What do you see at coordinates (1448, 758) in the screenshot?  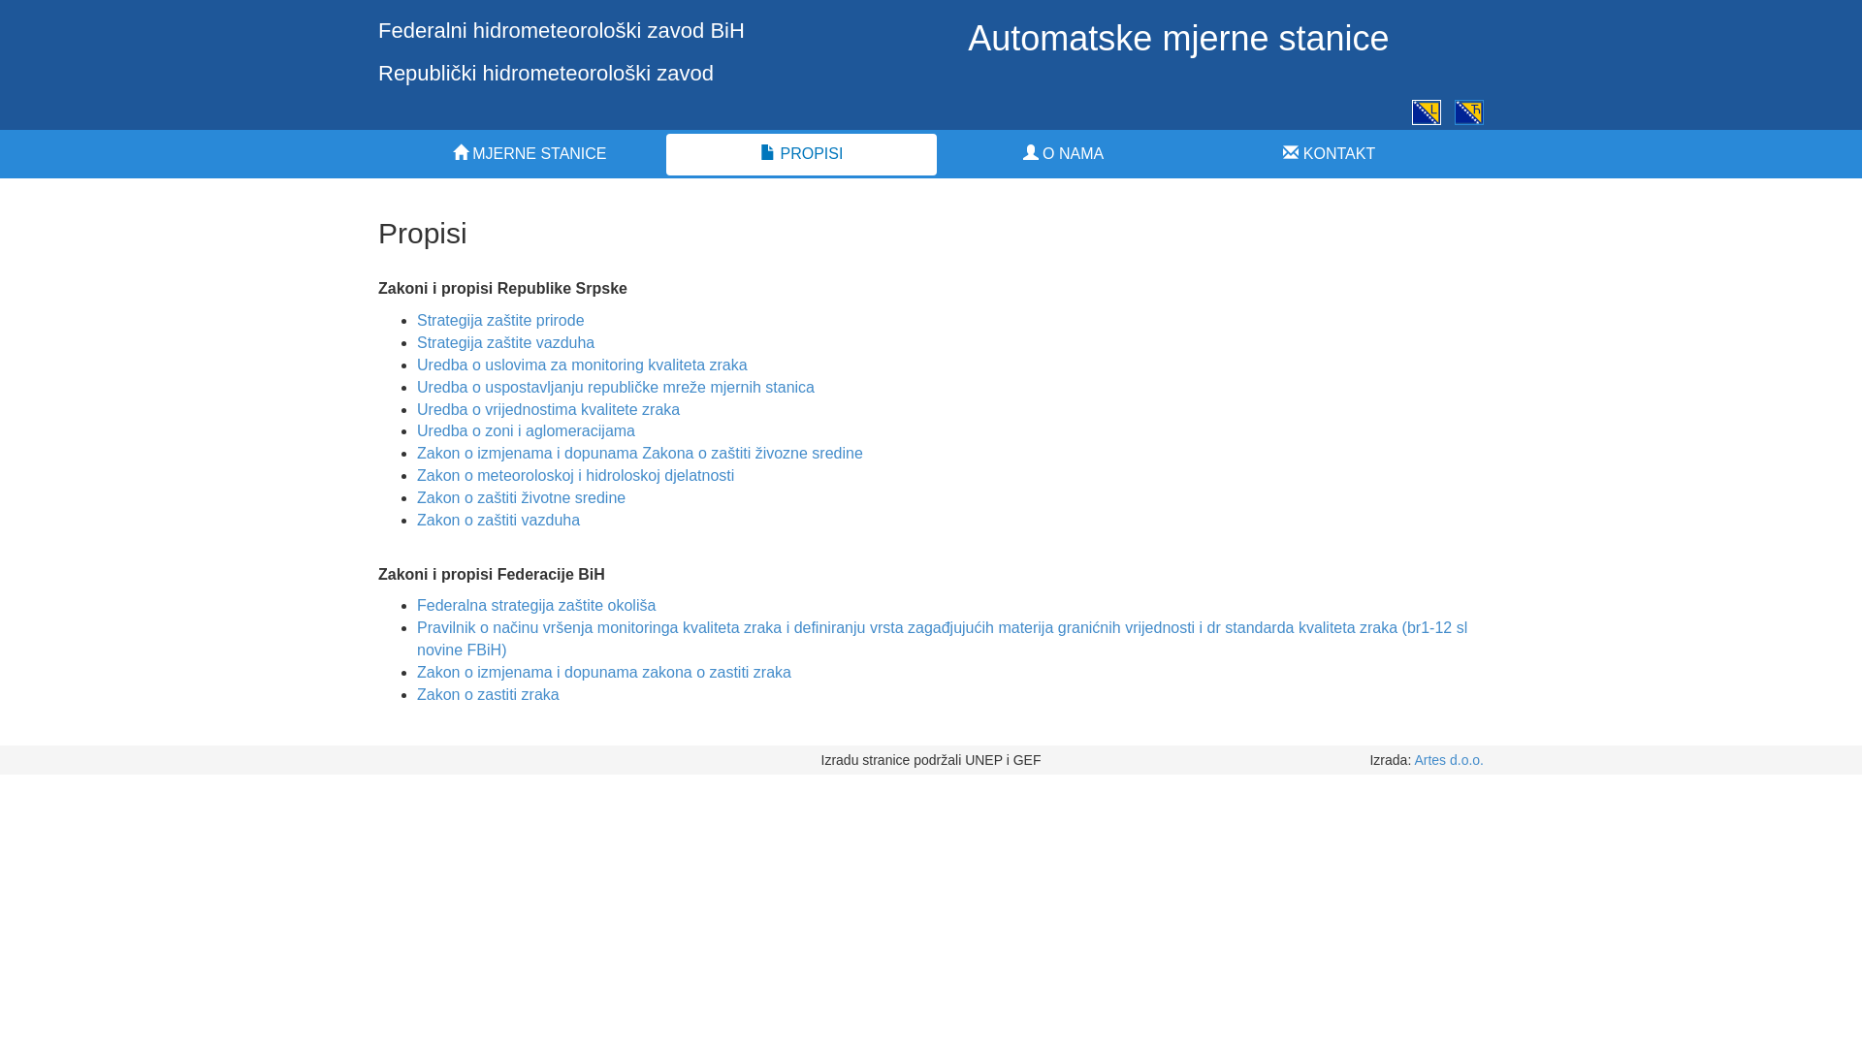 I see `'Artes d.o.o.'` at bounding box center [1448, 758].